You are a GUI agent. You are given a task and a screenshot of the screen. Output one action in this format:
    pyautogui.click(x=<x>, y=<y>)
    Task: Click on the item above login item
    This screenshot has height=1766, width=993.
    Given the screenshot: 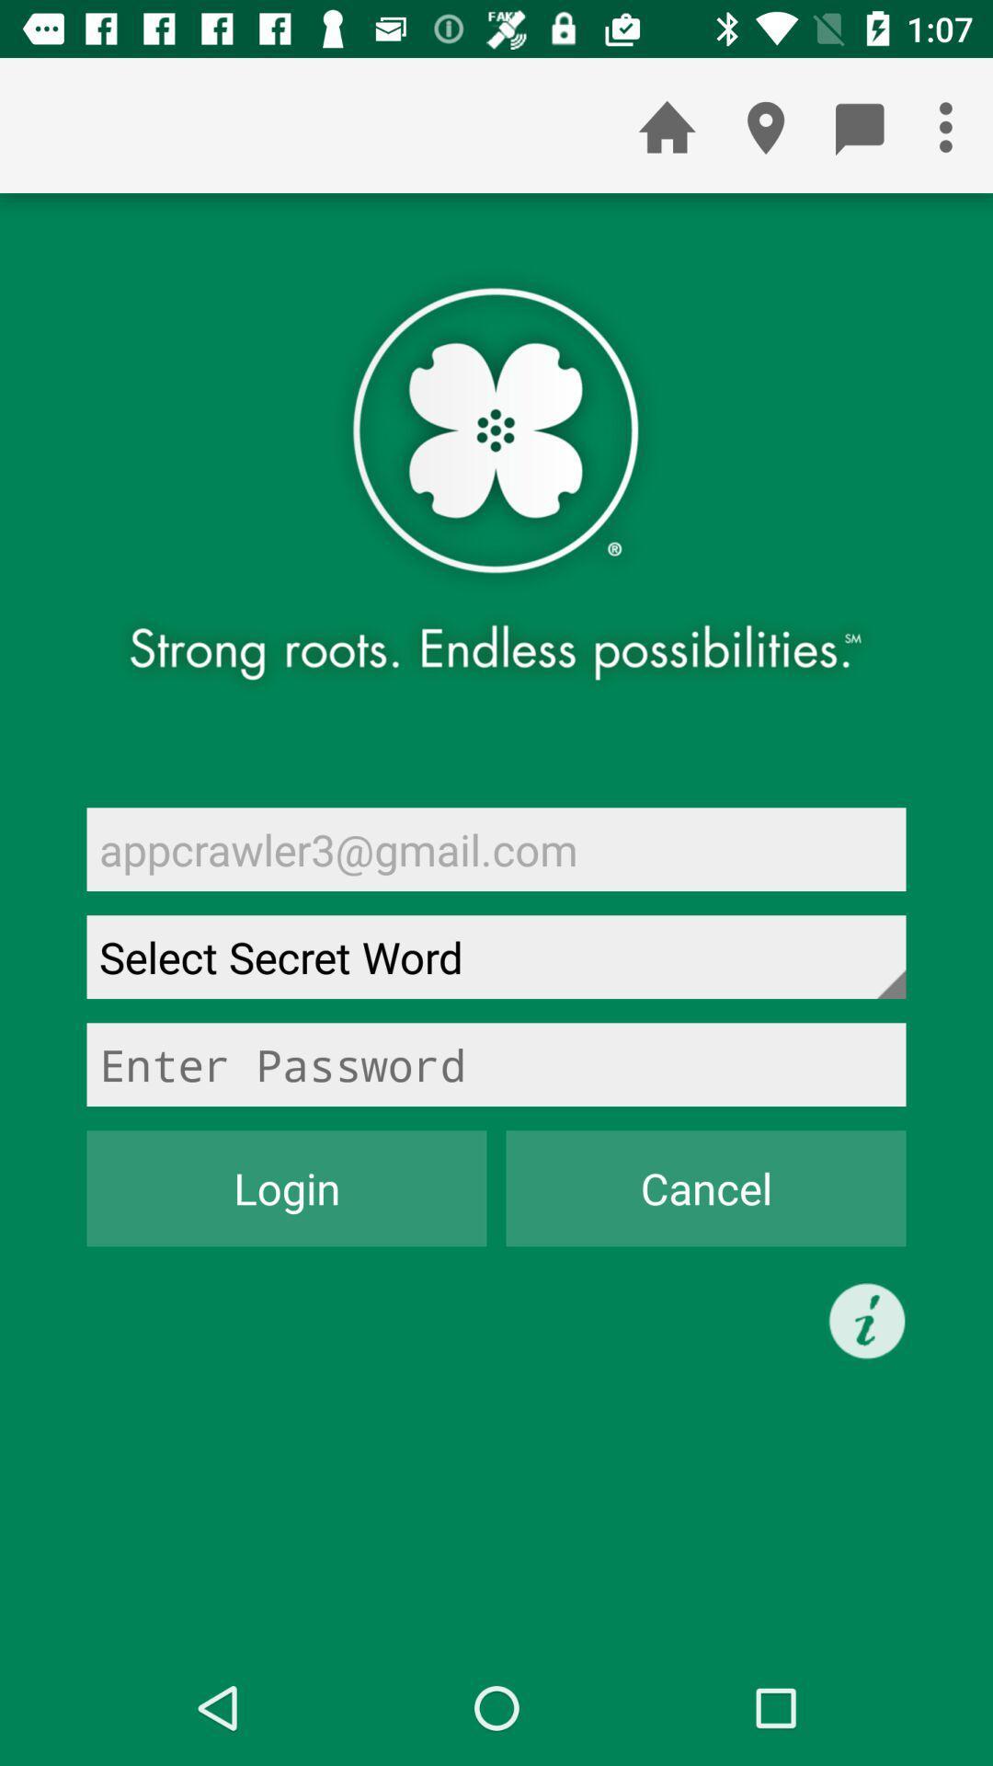 What is the action you would take?
    pyautogui.click(x=496, y=1064)
    